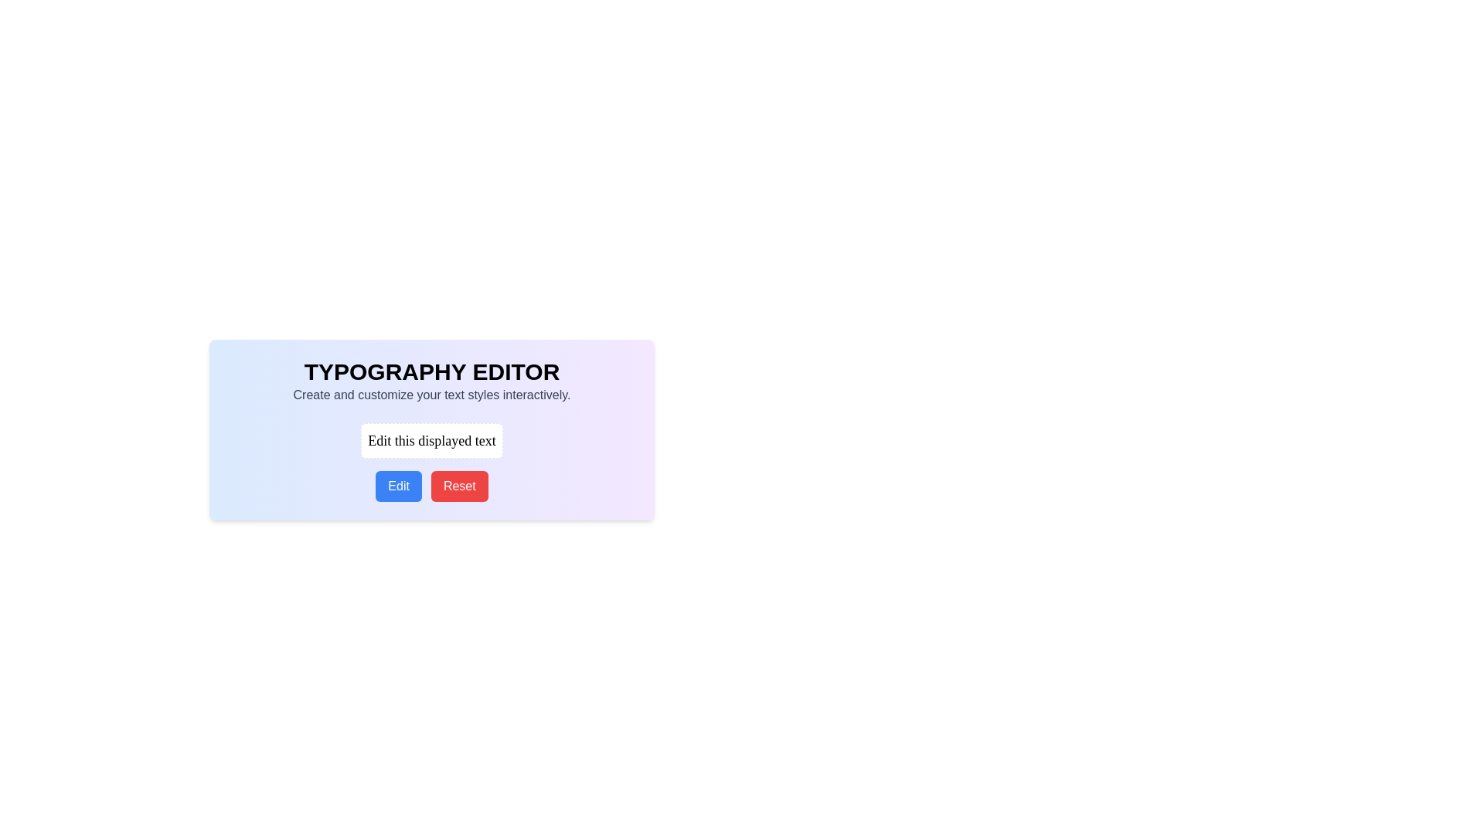  I want to click on the Reset button located in the bottom-right section of the typography editor, so click(458, 485).